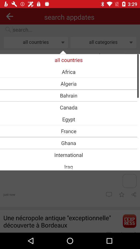 This screenshot has width=140, height=249. What do you see at coordinates (68, 60) in the screenshot?
I see `all countries item` at bounding box center [68, 60].